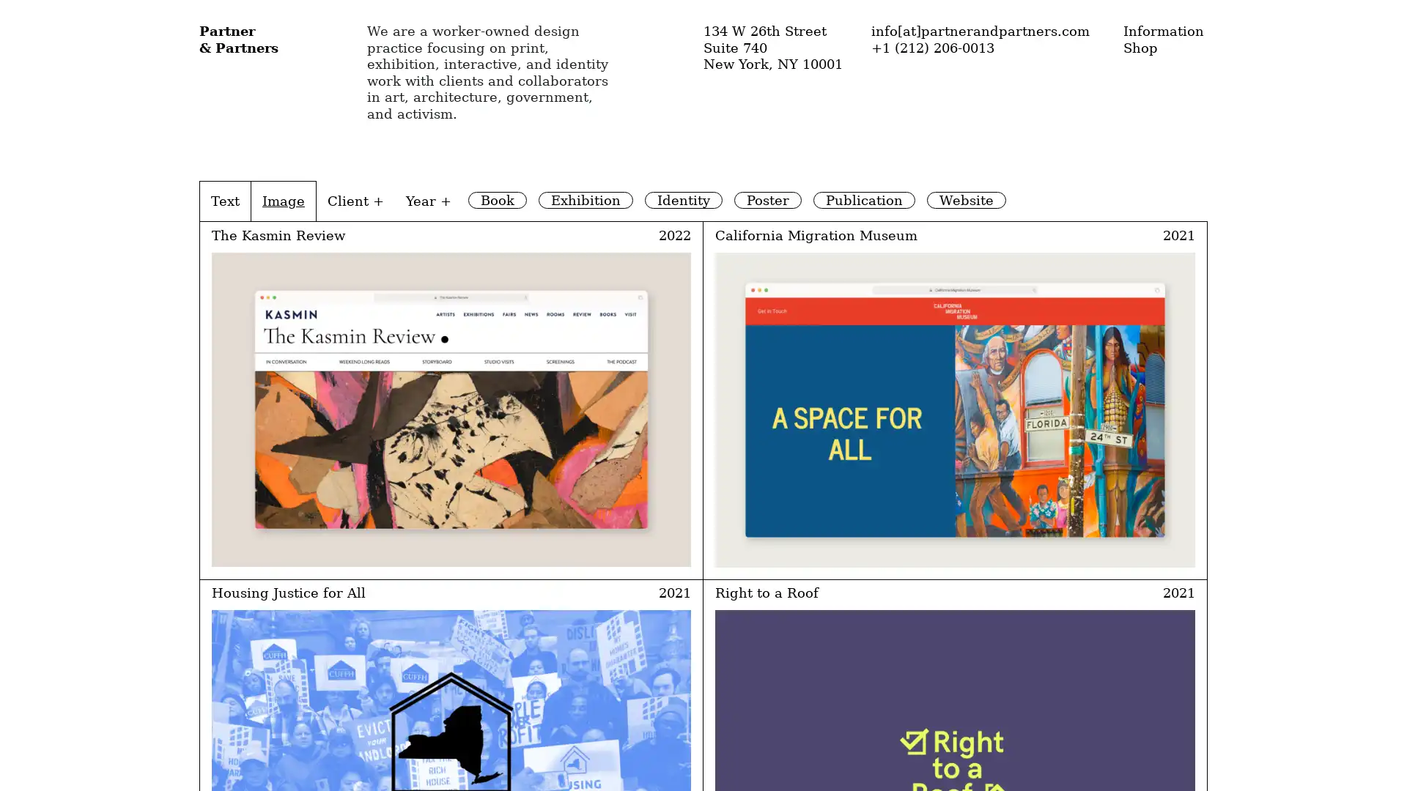 This screenshot has width=1407, height=791. I want to click on Image, so click(284, 200).